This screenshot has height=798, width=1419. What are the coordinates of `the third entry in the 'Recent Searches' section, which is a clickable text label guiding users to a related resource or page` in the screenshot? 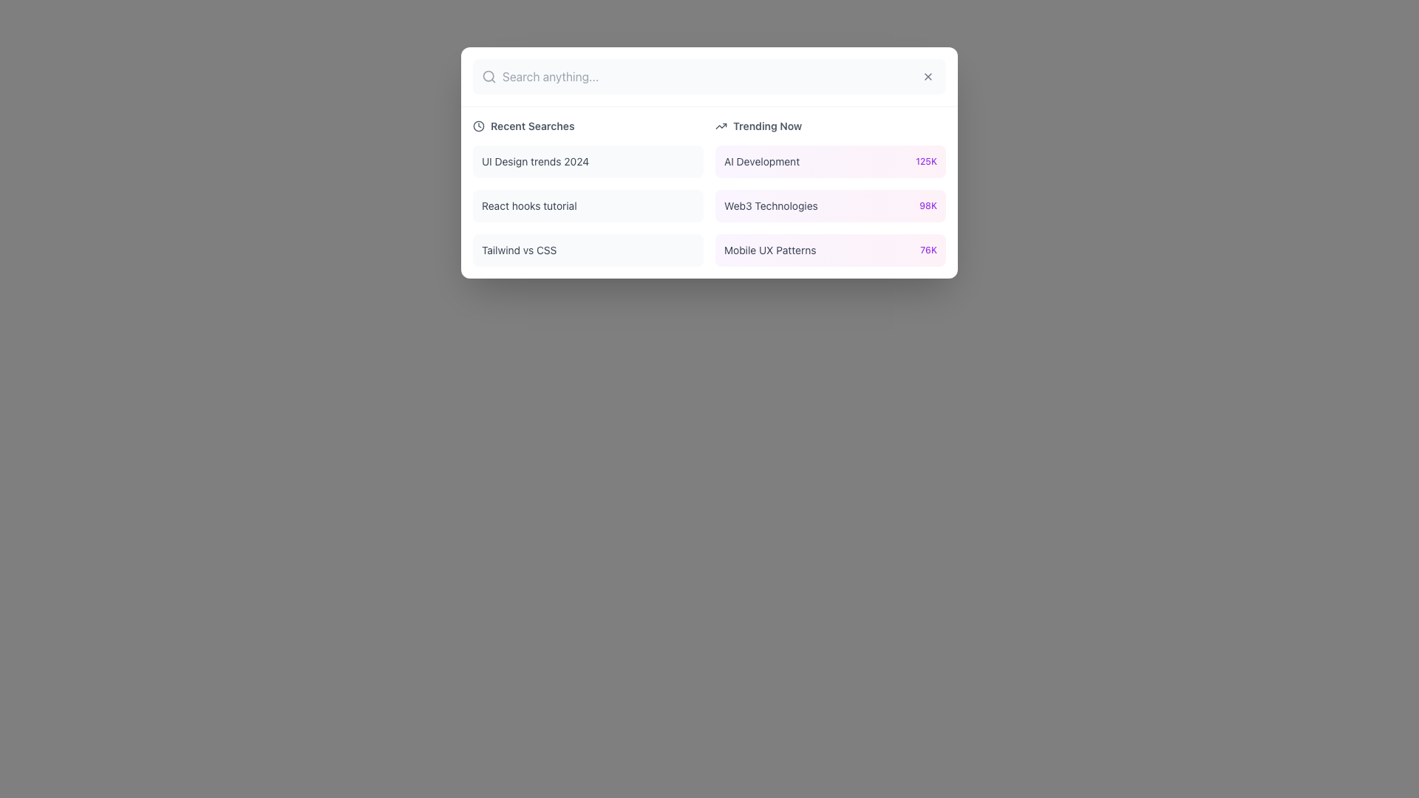 It's located at (519, 250).